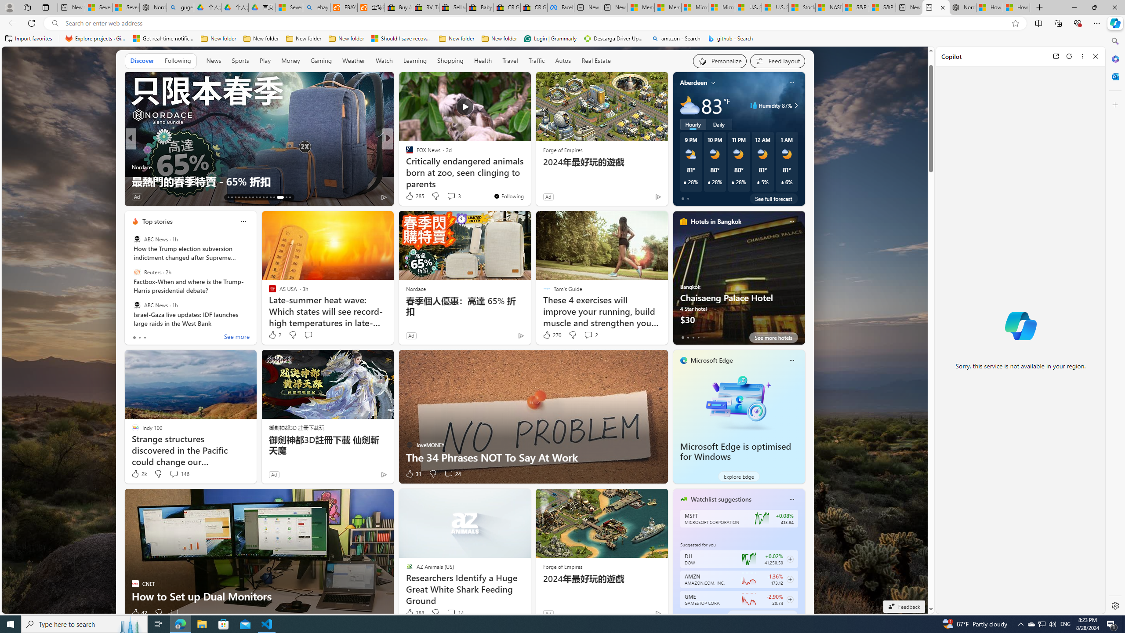 The height and width of the screenshot is (633, 1125). What do you see at coordinates (588, 335) in the screenshot?
I see `'View comments 2 Comment'` at bounding box center [588, 335].